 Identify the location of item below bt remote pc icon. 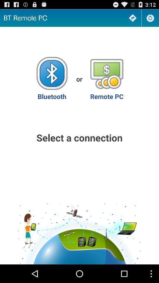
(52, 78).